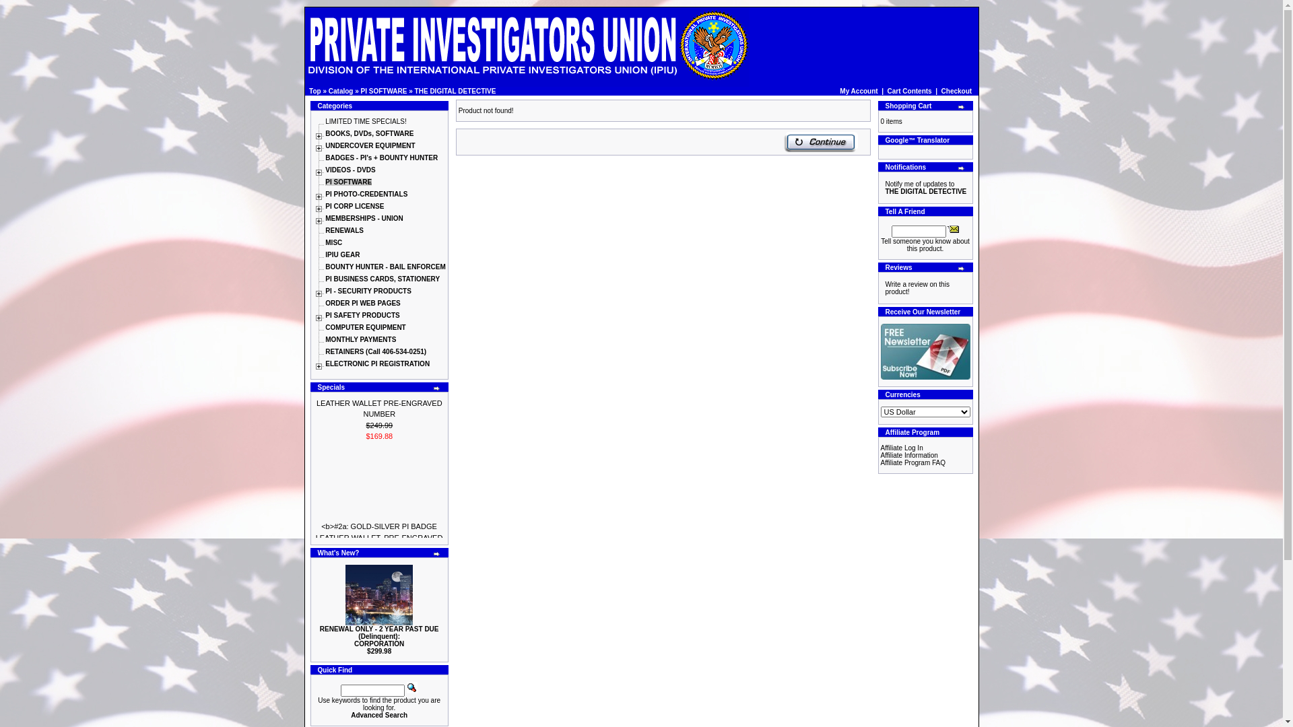 The width and height of the screenshot is (1293, 727). Describe the element at coordinates (385, 267) in the screenshot. I see `'BOUNTY HUNTER - BAIL ENFORCEM'` at that location.